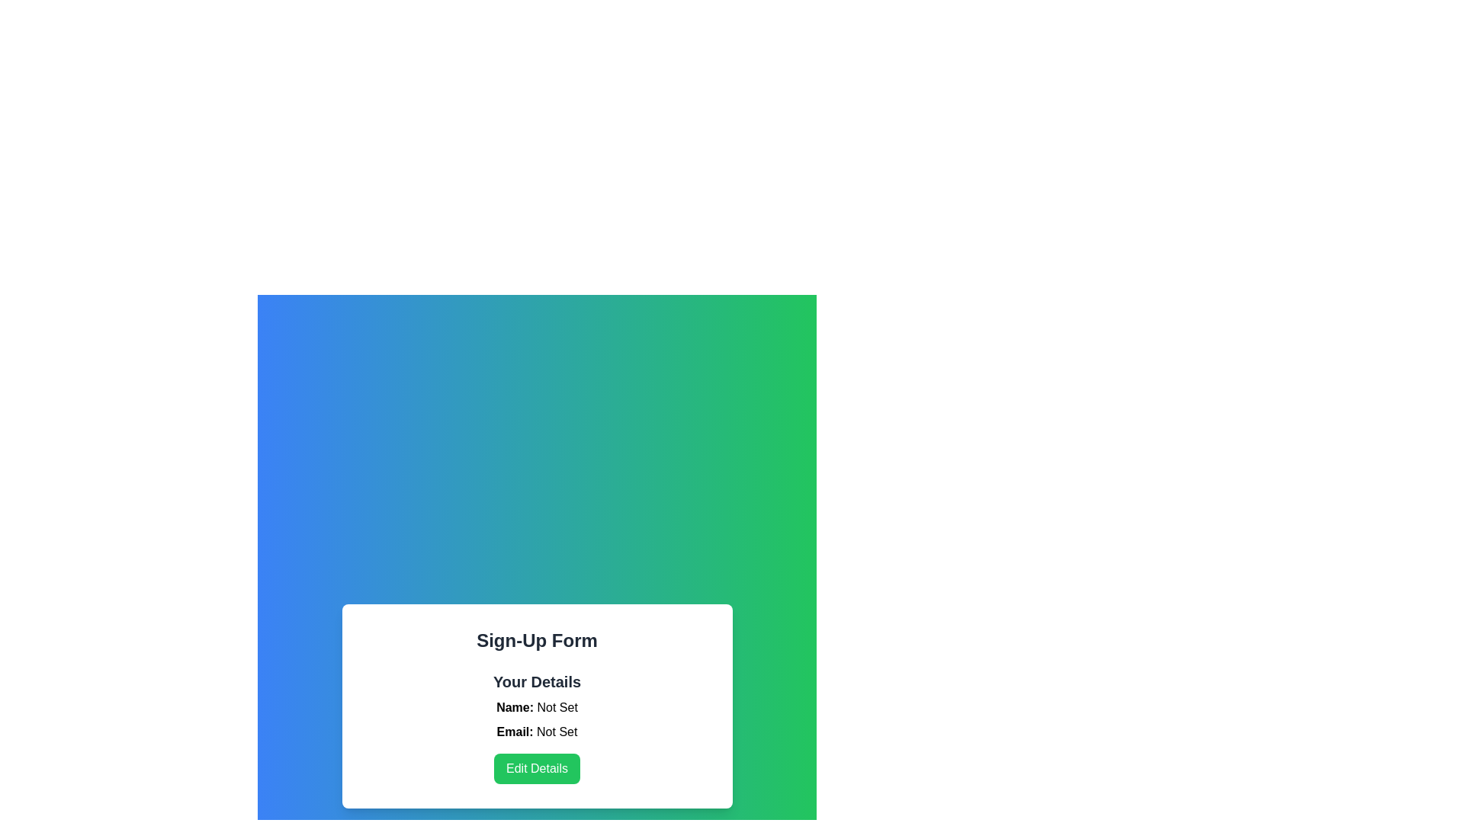 The image size is (1464, 823). Describe the element at coordinates (537, 640) in the screenshot. I see `the text label that serves as the title for the sign-up form, which is located at the top of the white rectangular form area` at that location.